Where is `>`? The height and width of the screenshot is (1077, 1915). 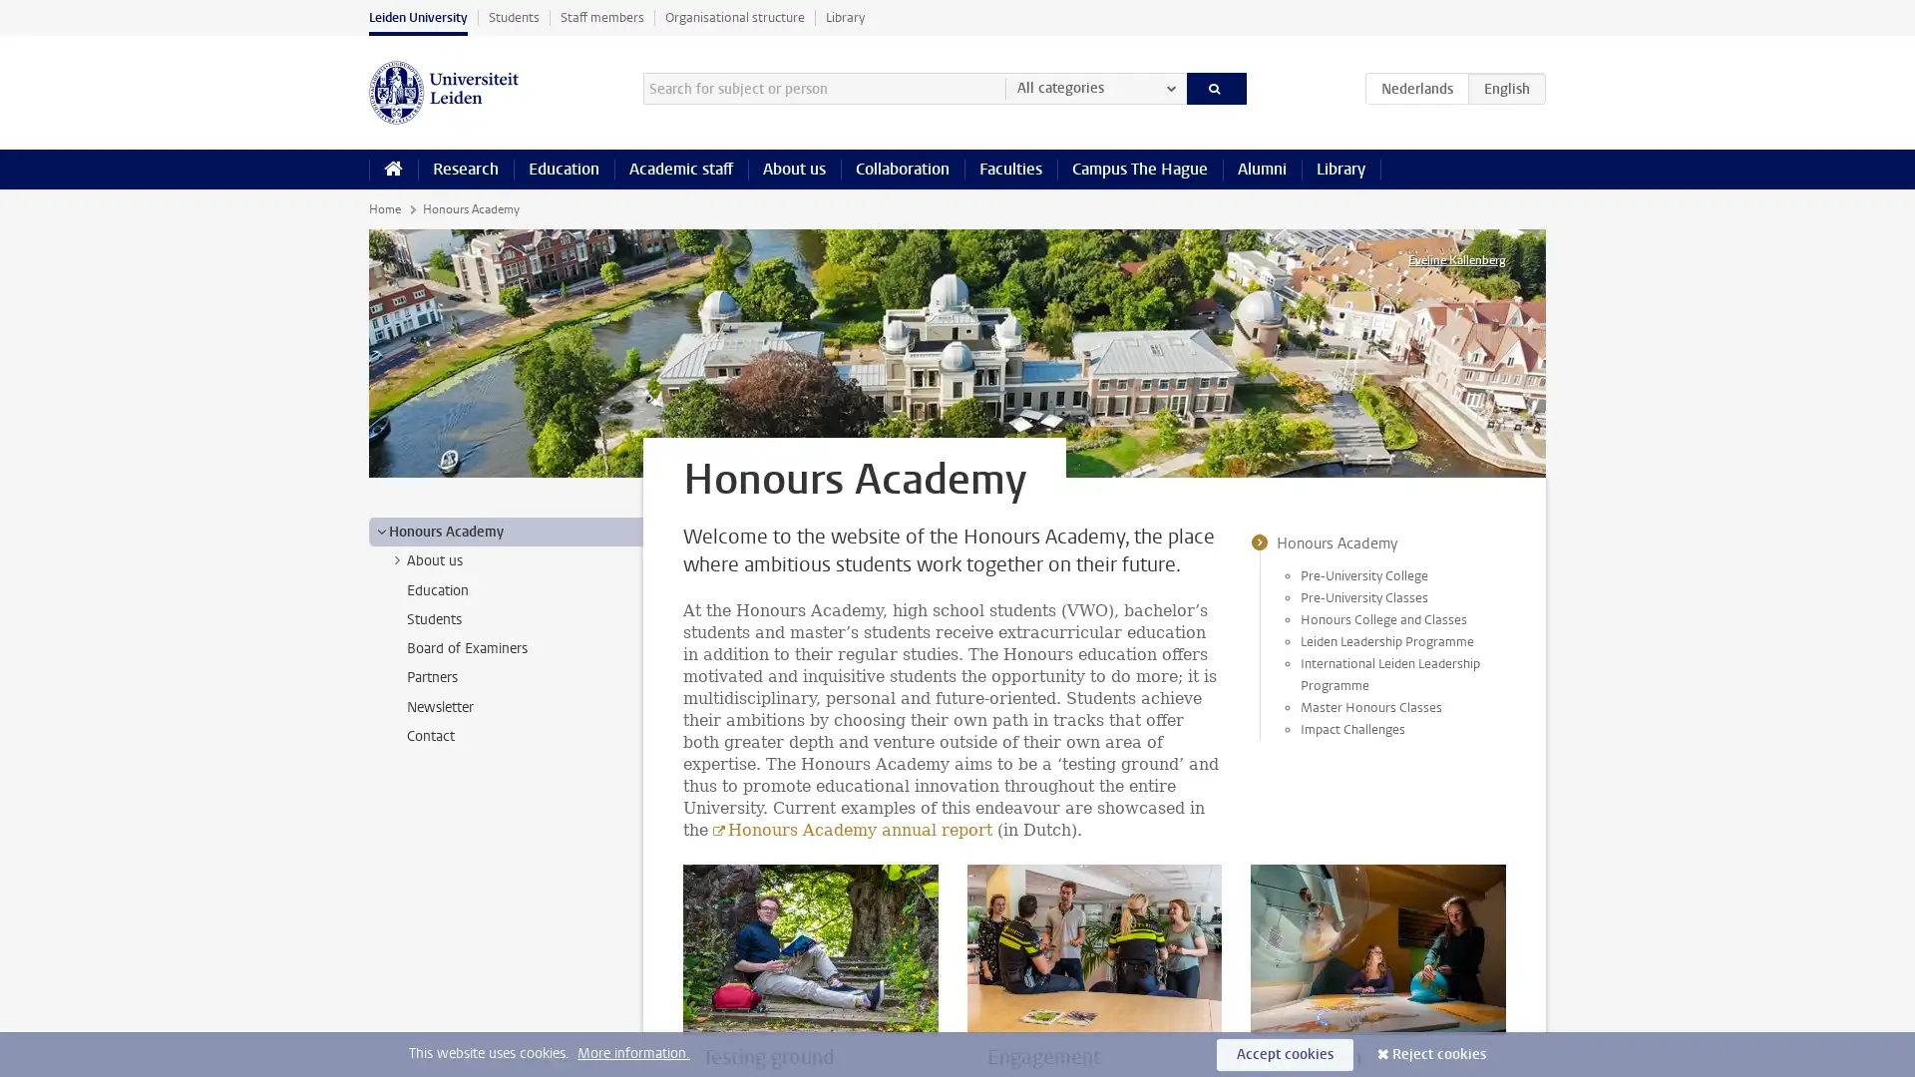 > is located at coordinates (397, 560).